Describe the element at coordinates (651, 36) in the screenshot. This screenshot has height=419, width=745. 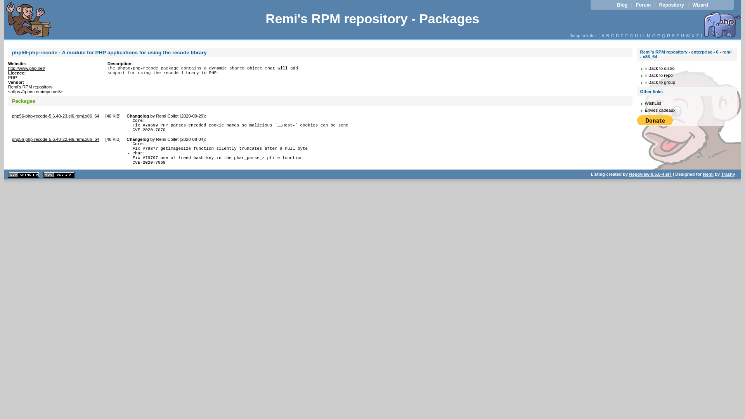
I see `'O'` at that location.